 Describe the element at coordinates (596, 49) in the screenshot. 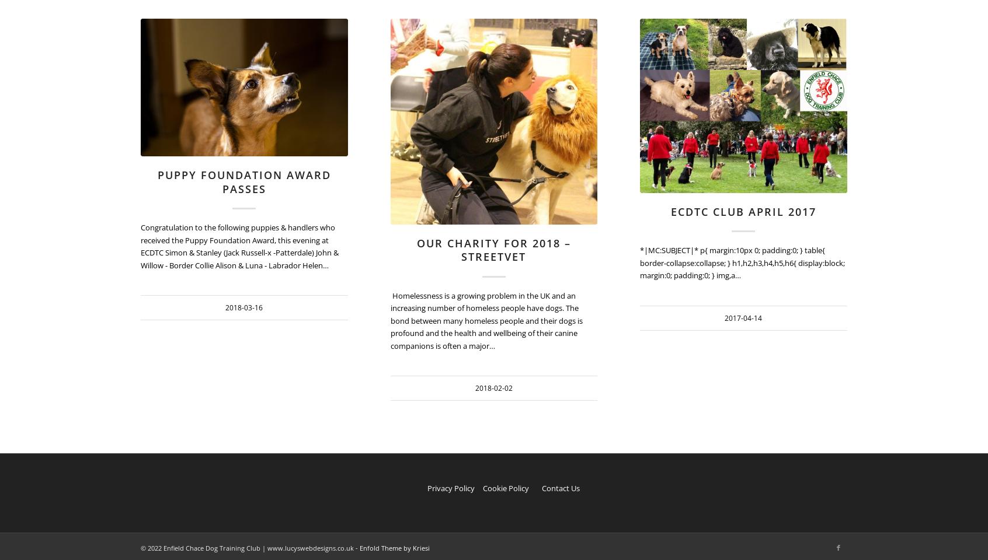

I see `'953'` at that location.